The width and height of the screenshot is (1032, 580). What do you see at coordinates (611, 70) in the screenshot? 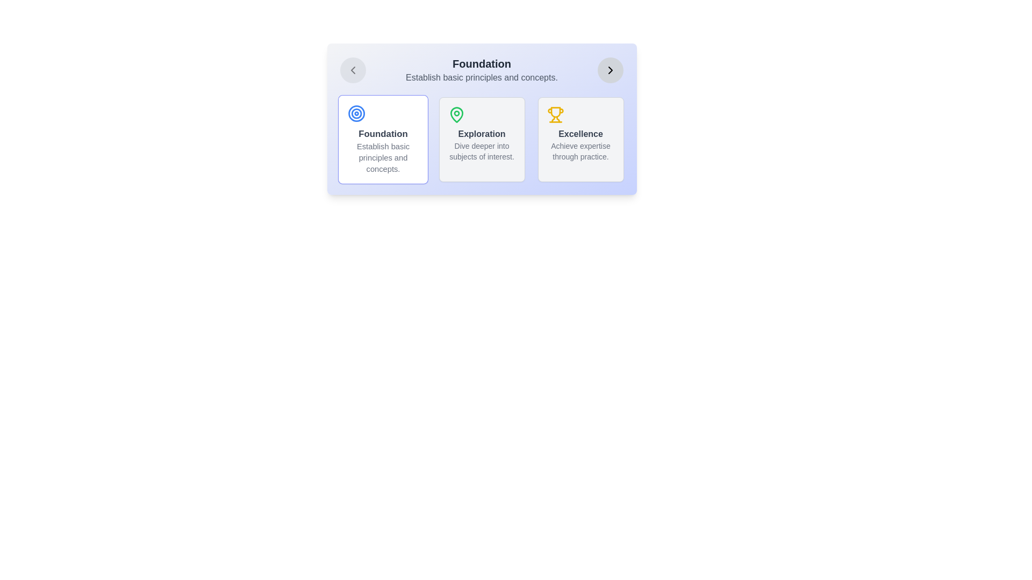
I see `the chevron arrow icon embedded in the circular button located at the upper-right corner of the card labeled 'Foundation', 'Exploration', and 'Excellence'` at bounding box center [611, 70].